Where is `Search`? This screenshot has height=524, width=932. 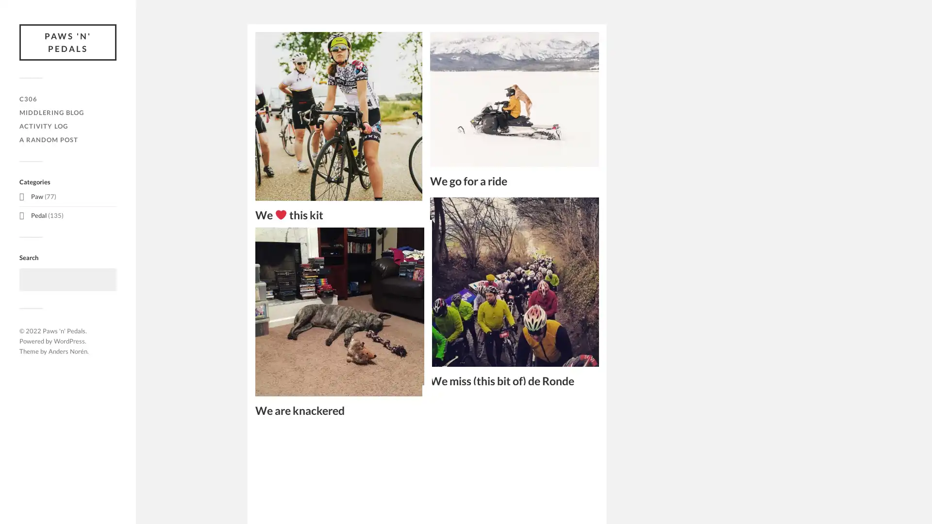 Search is located at coordinates (104, 279).